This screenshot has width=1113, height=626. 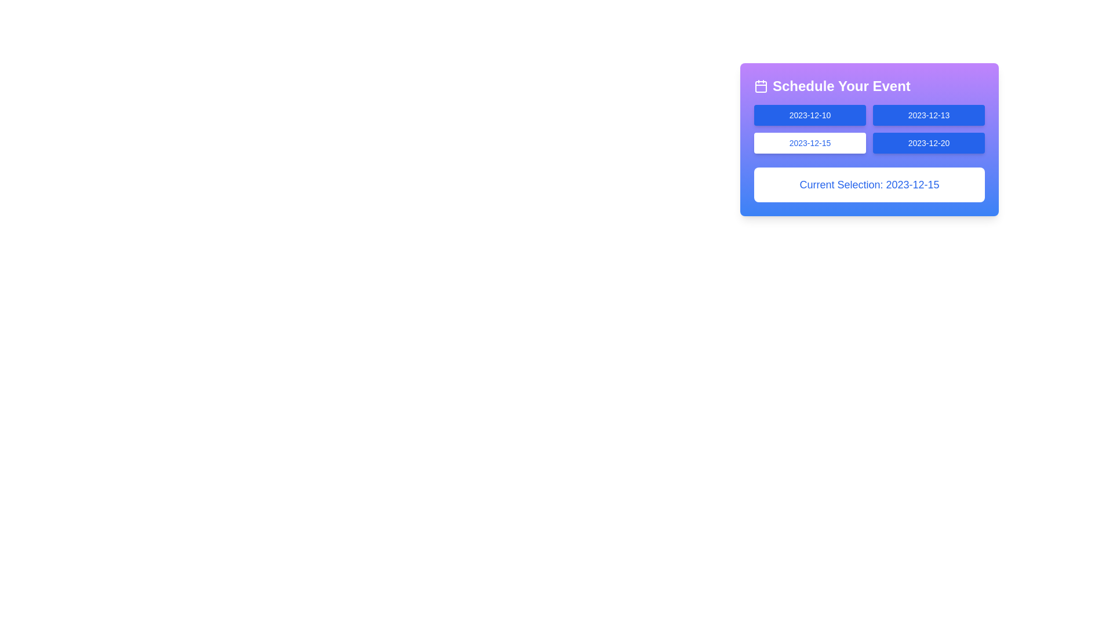 What do you see at coordinates (929, 115) in the screenshot?
I see `the date selection button for '2023-12-13' located` at bounding box center [929, 115].